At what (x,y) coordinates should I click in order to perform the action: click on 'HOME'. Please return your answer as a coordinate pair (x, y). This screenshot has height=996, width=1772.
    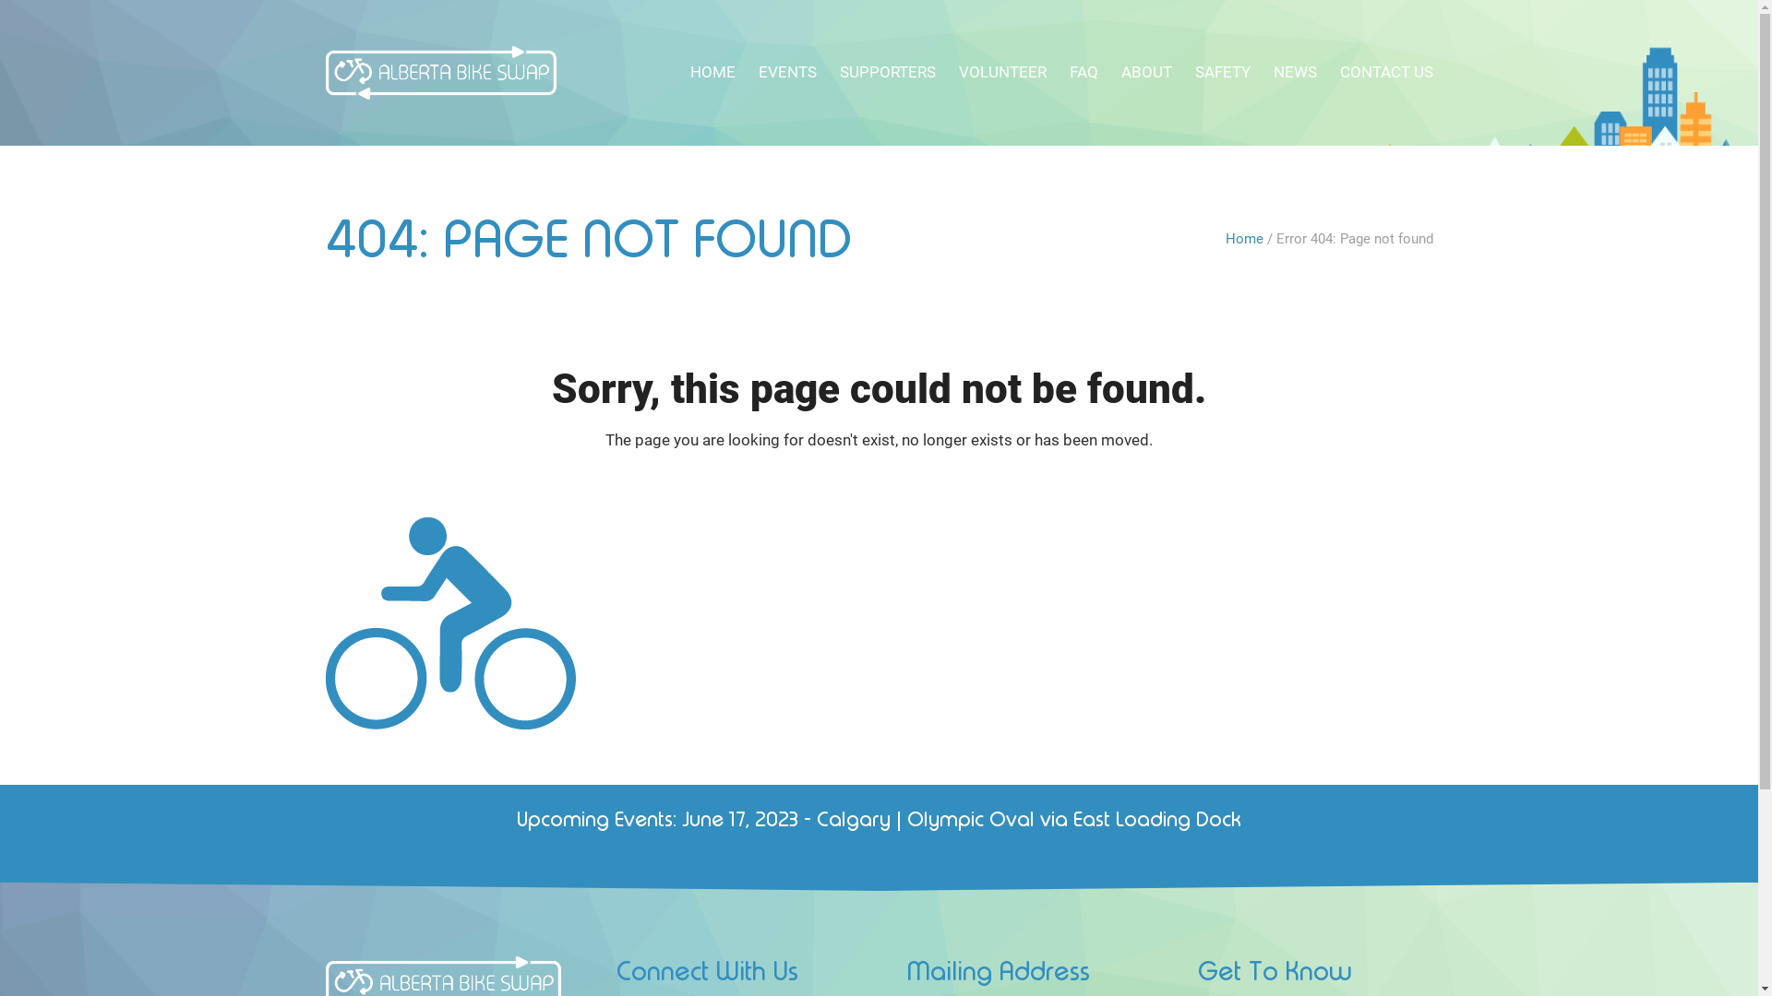
    Looking at the image, I should click on (712, 71).